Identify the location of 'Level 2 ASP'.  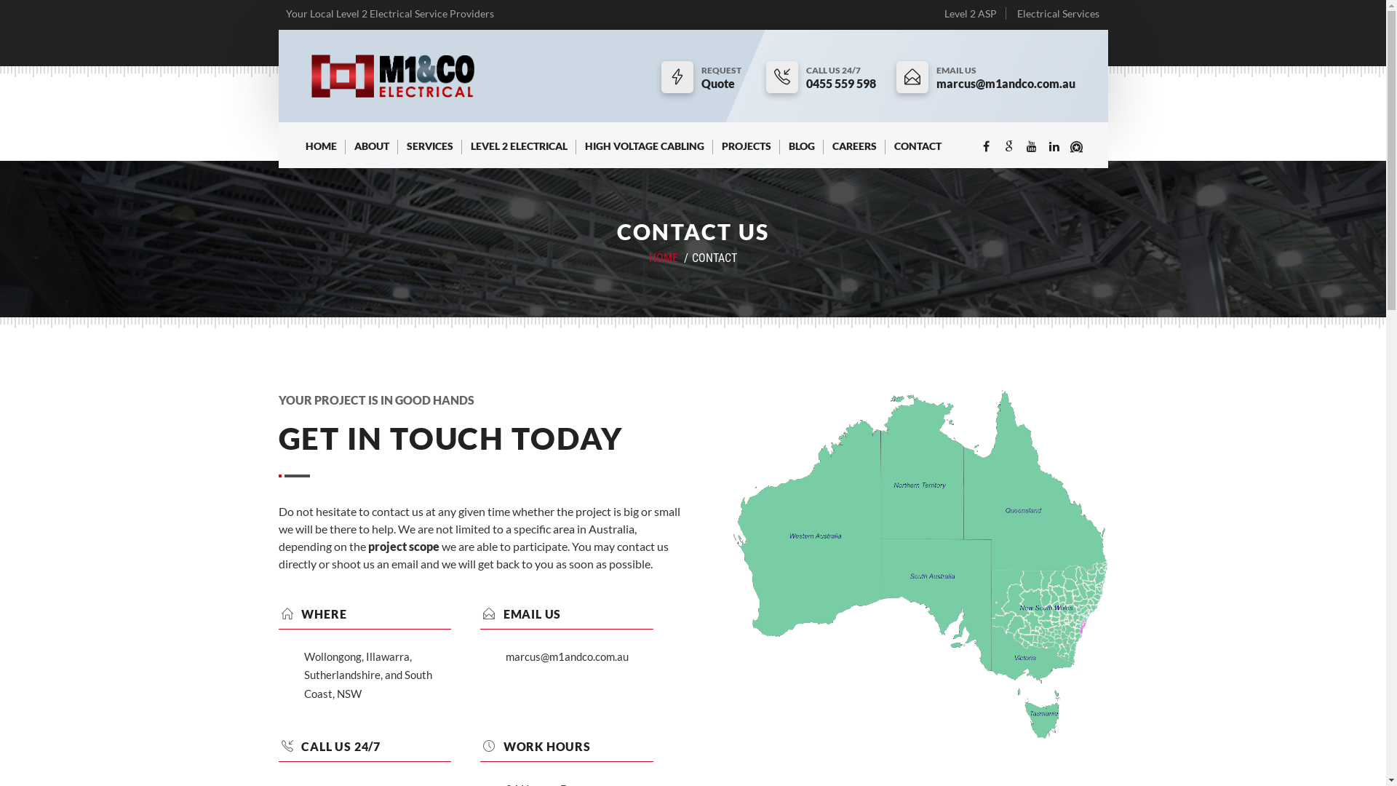
(971, 13).